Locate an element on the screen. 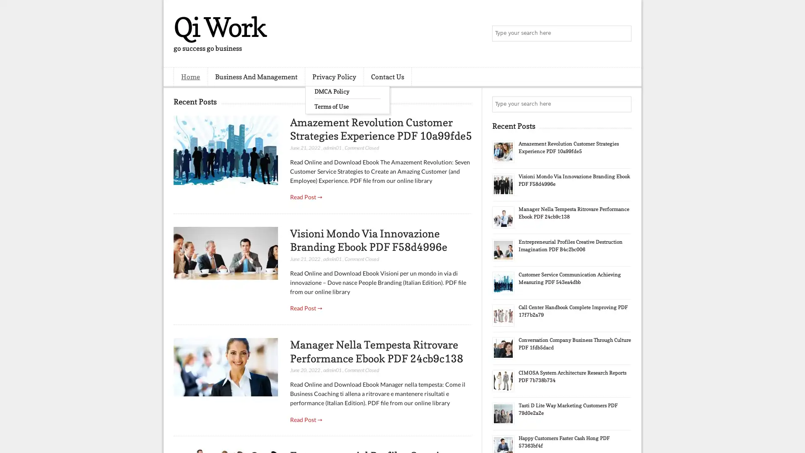  Search is located at coordinates (623, 34).